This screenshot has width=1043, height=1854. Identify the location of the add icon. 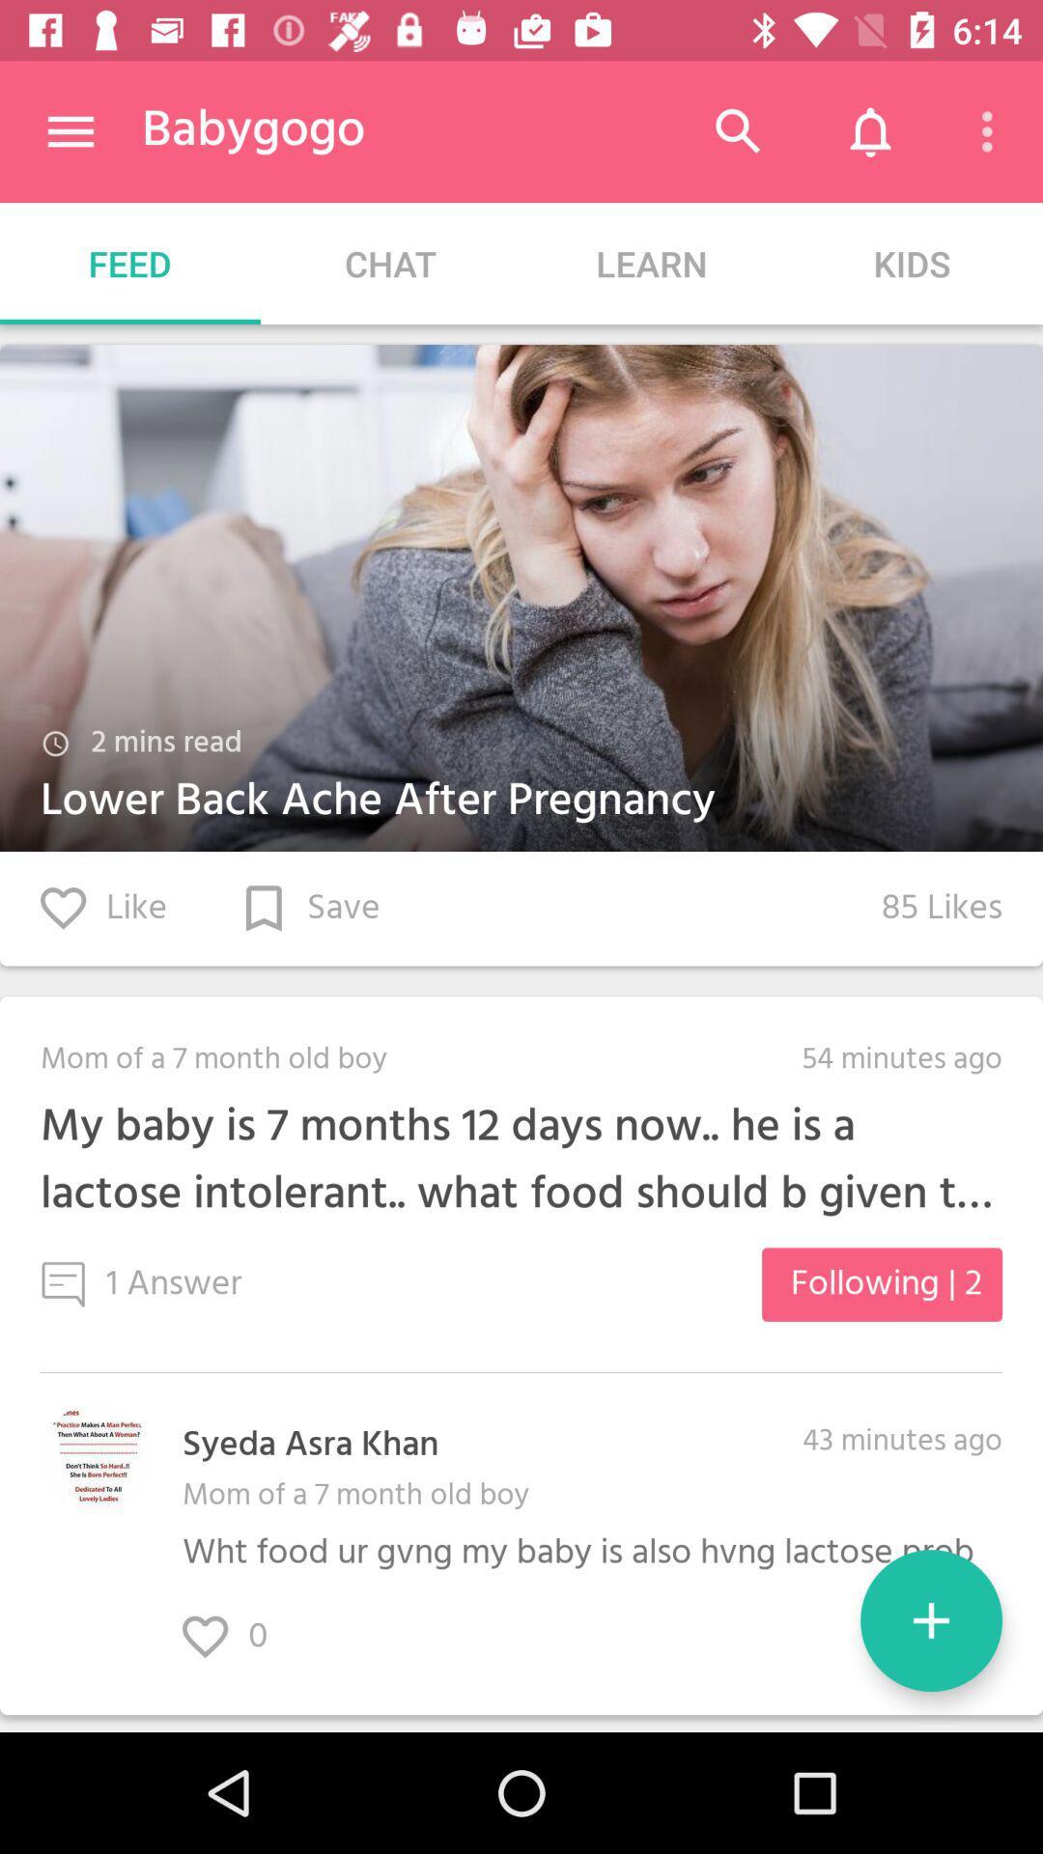
(930, 1620).